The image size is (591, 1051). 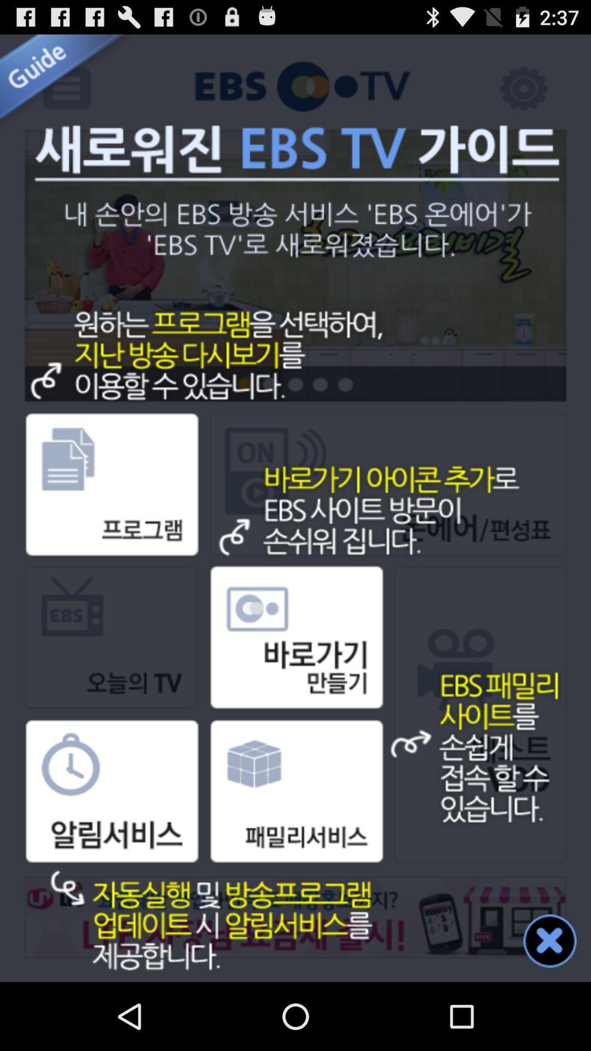 What do you see at coordinates (550, 1007) in the screenshot?
I see `the close icon` at bounding box center [550, 1007].